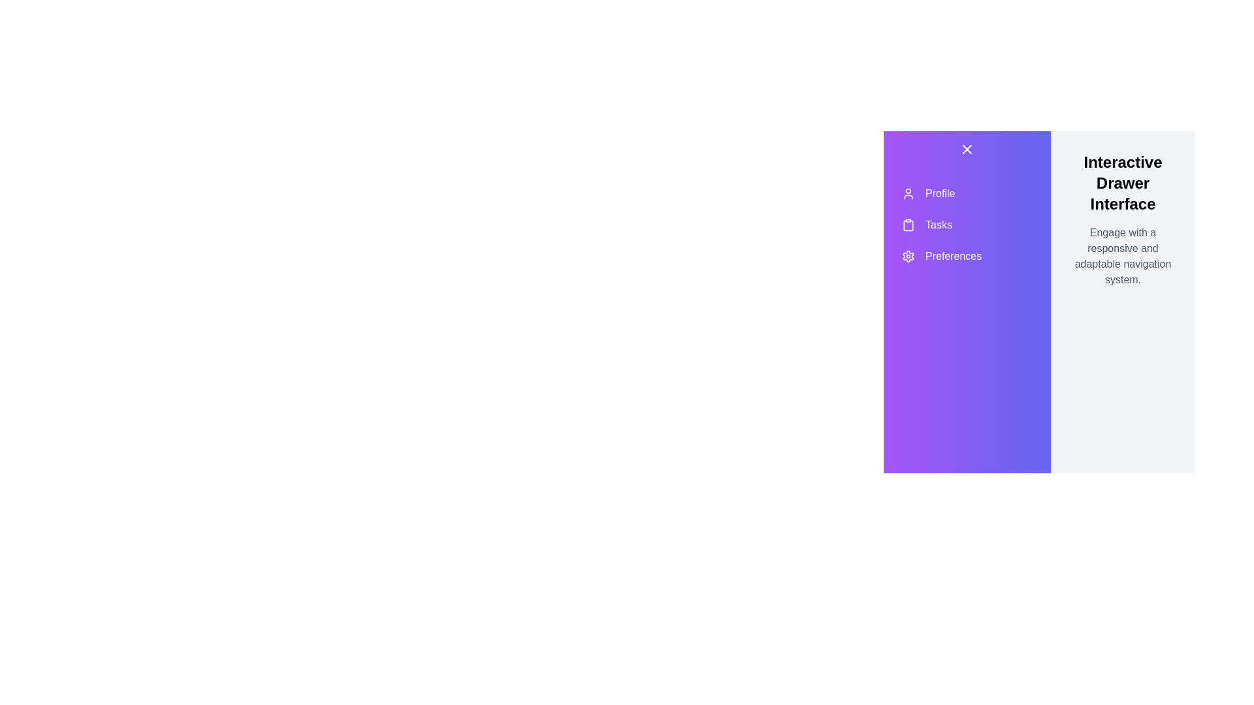 The height and width of the screenshot is (705, 1254). I want to click on the menu item labeled Profile, so click(967, 194).